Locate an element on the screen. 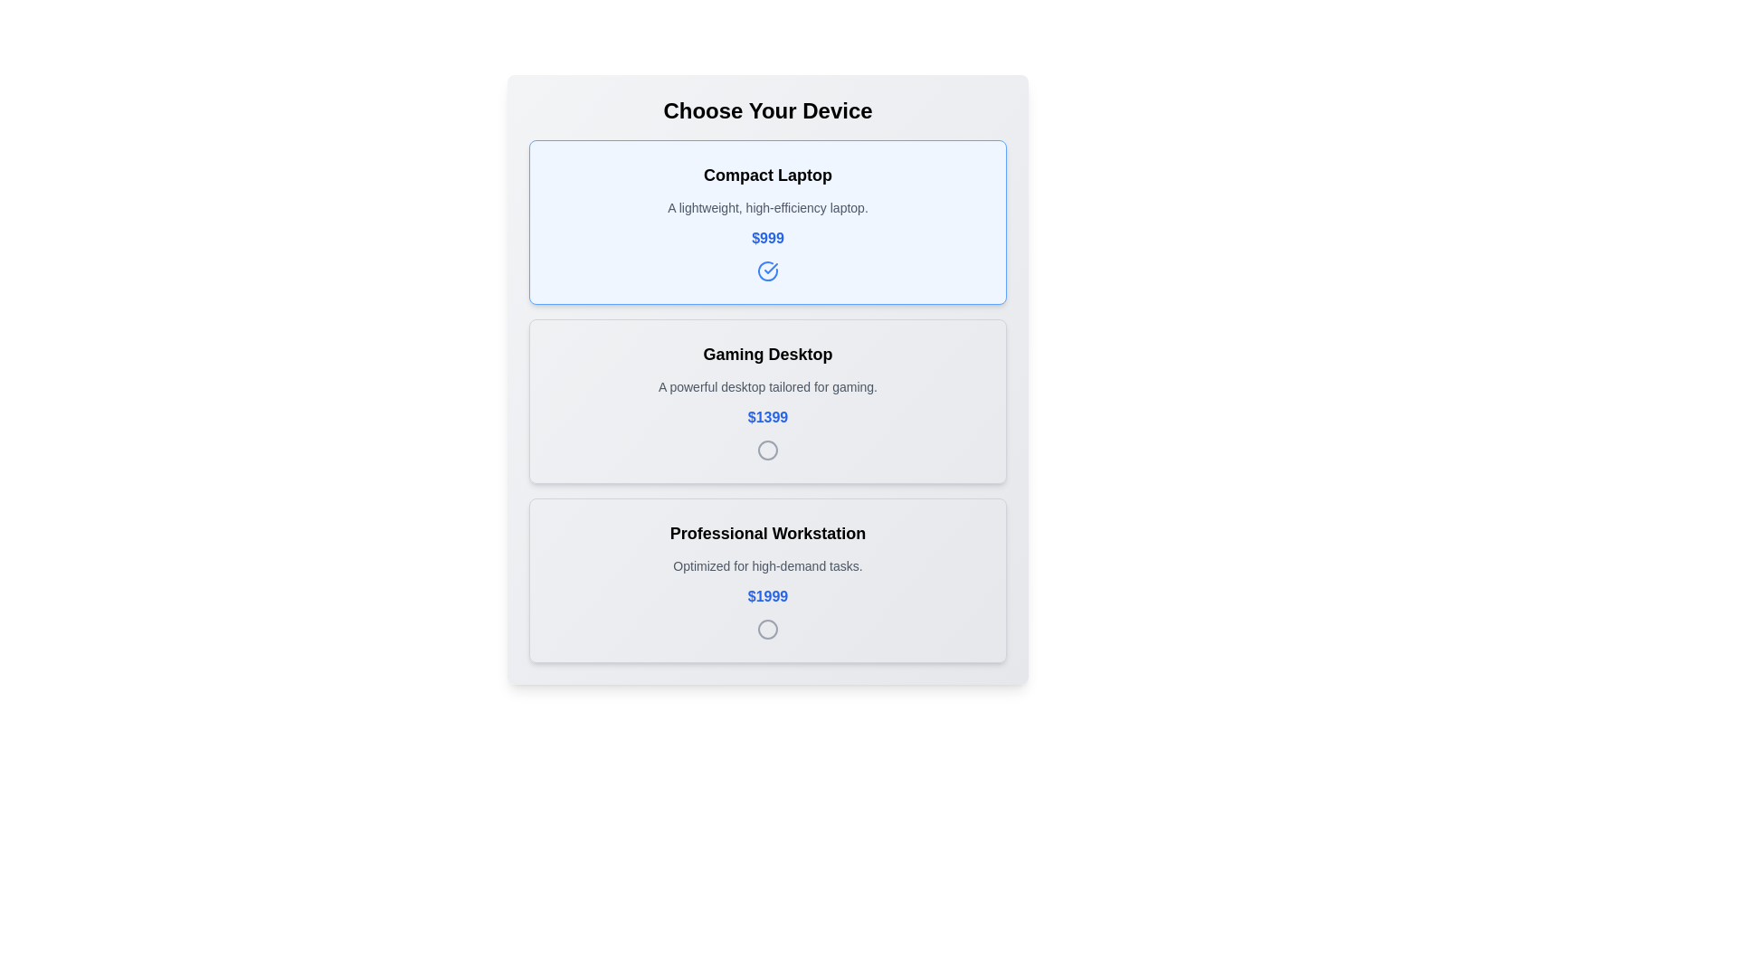  the circular icon located beneath the price of the 'Professional Workstation' option, which has a light gray circular border and empty interior is located at coordinates (768, 628).